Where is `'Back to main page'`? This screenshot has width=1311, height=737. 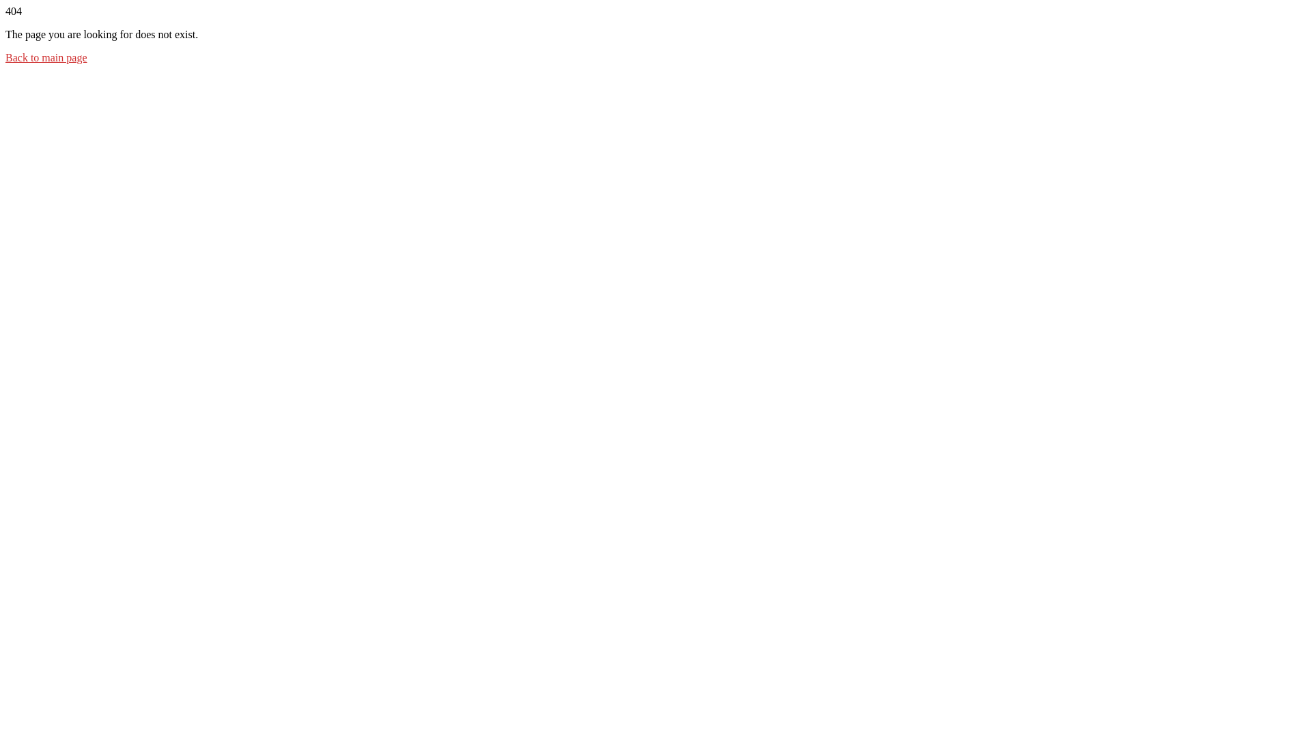 'Back to main page' is located at coordinates (5, 57).